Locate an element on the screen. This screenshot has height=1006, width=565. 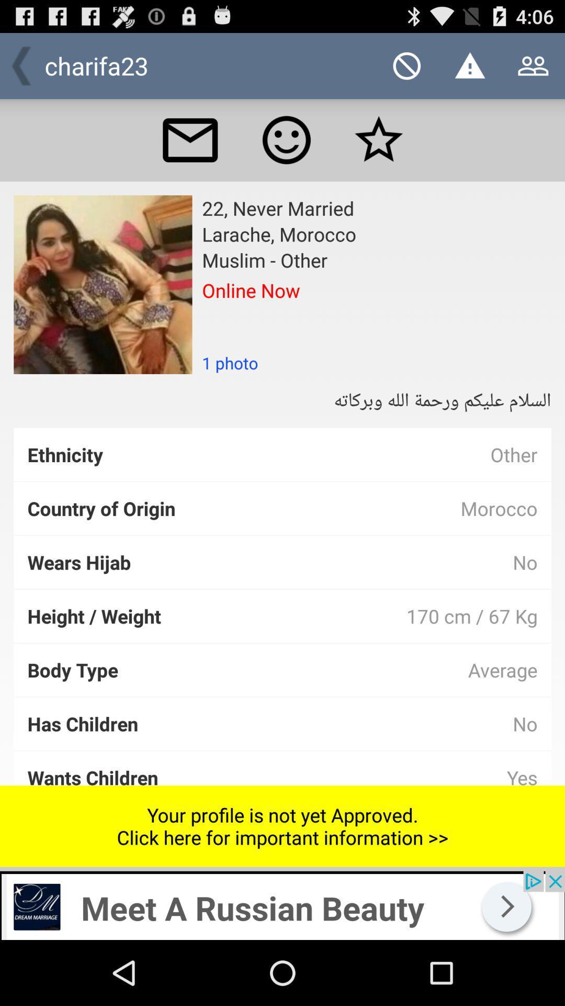
the advertisement is located at coordinates (282, 905).